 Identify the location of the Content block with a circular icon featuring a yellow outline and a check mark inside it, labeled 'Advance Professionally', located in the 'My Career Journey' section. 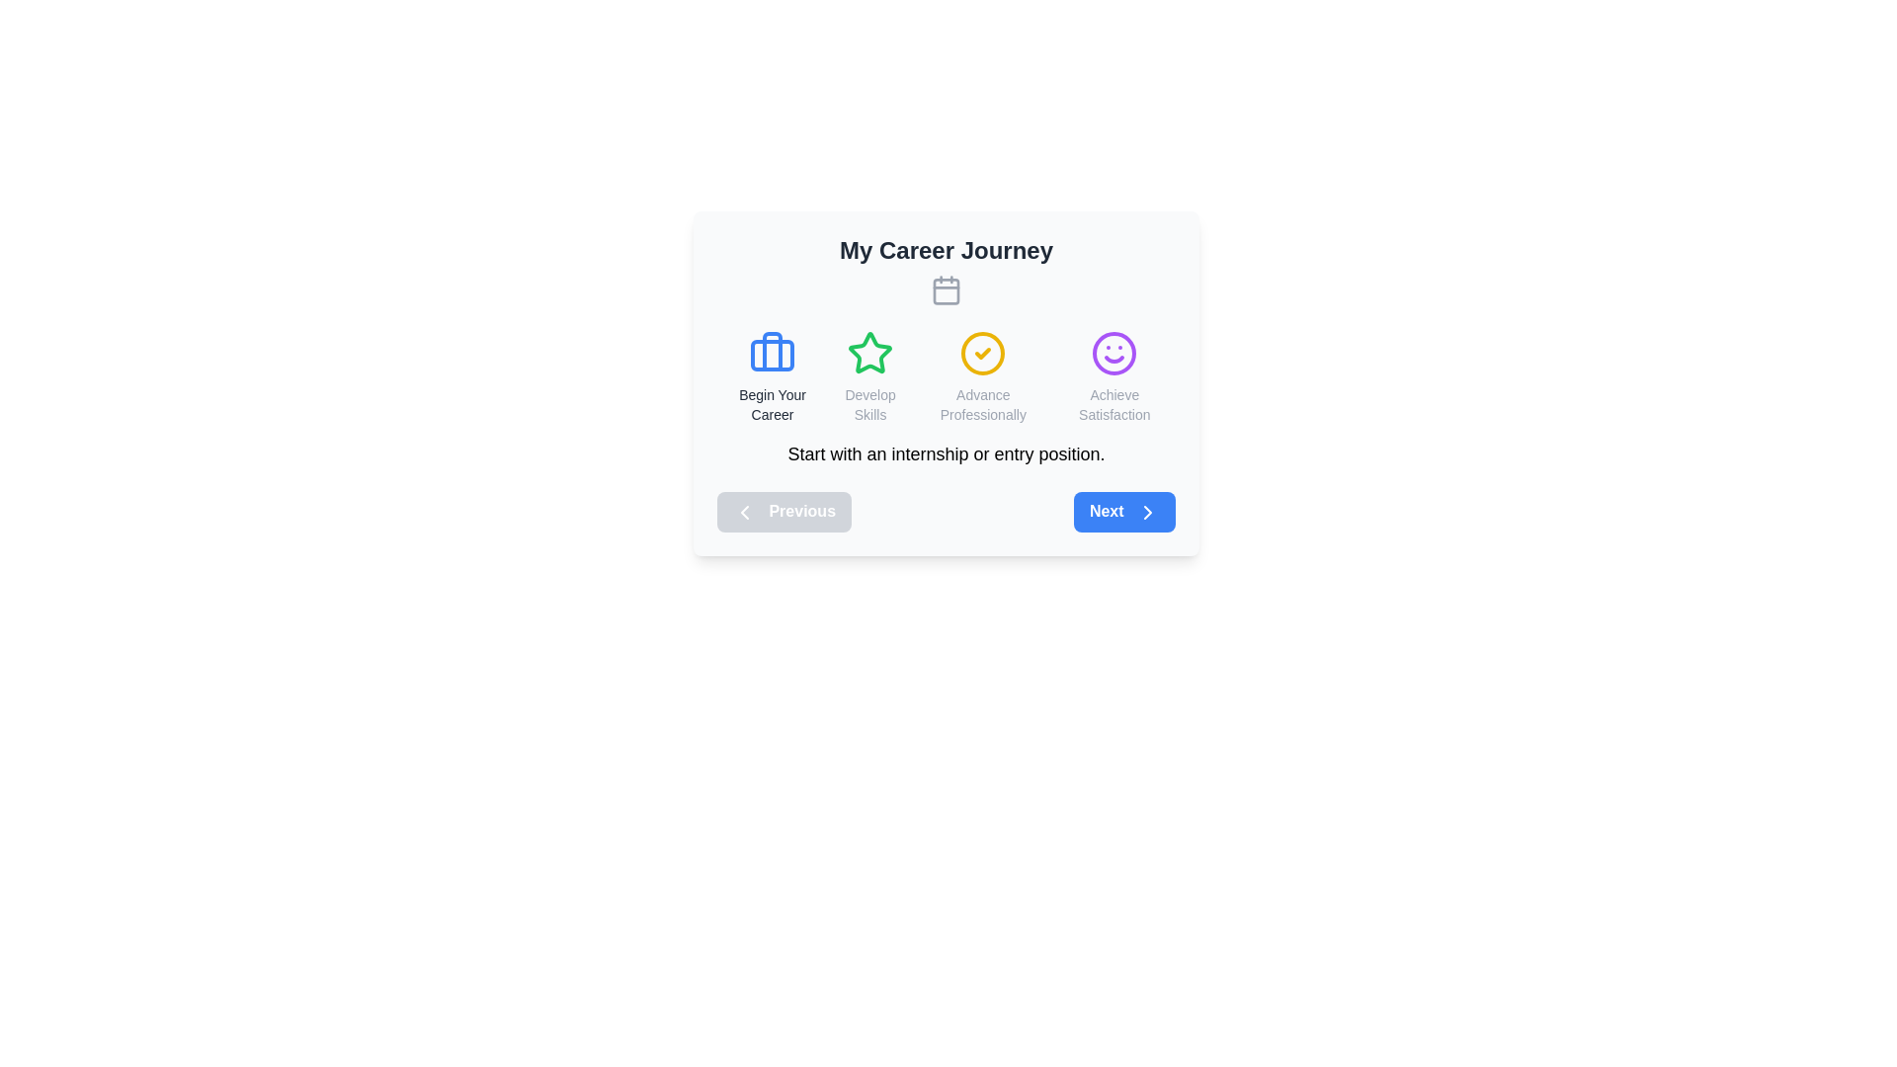
(983, 376).